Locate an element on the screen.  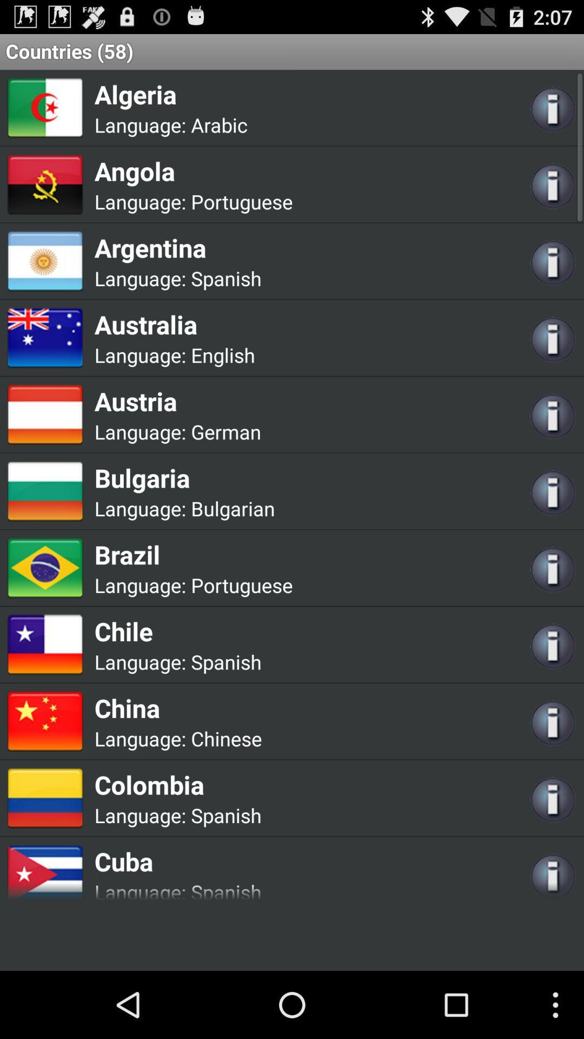
the icon above language:  app is located at coordinates (177, 860).